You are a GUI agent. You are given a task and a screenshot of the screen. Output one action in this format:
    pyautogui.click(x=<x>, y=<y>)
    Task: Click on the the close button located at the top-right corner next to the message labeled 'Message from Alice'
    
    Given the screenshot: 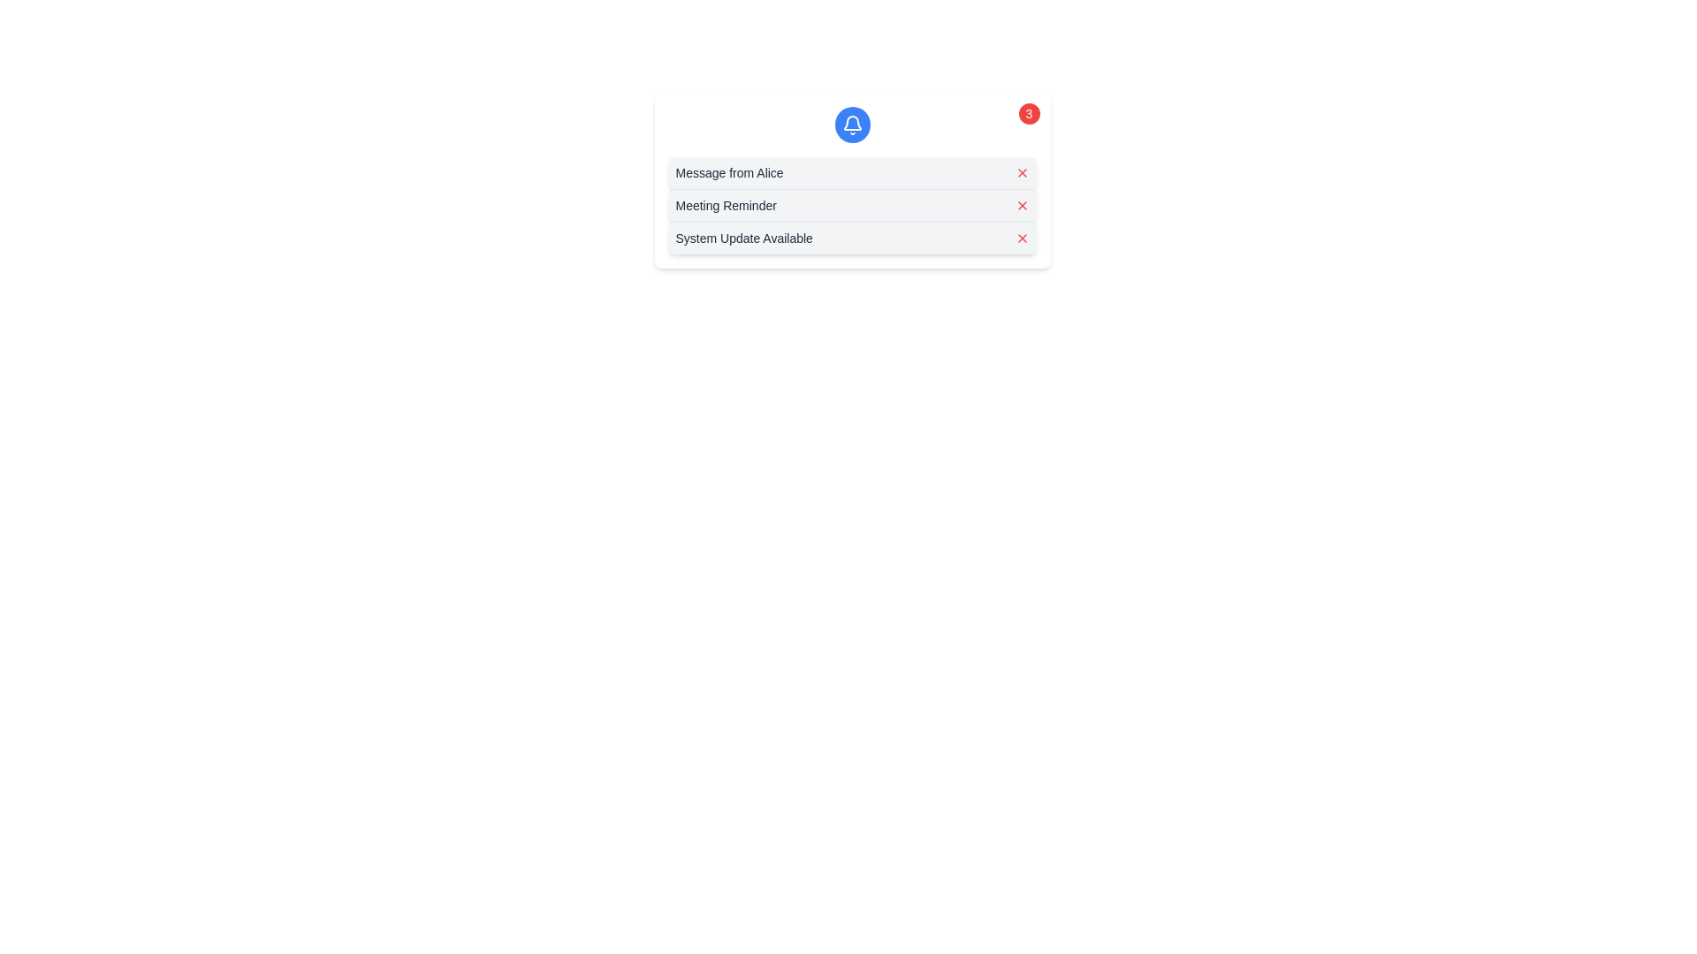 What is the action you would take?
    pyautogui.click(x=1022, y=172)
    